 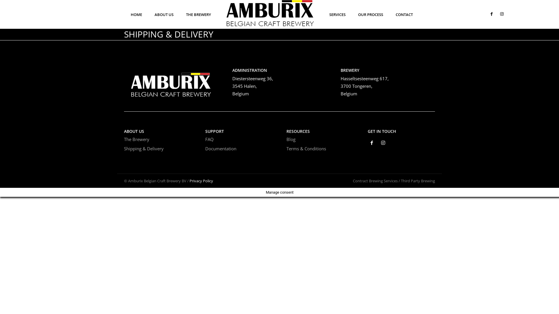 I want to click on 'FAQ', so click(x=209, y=139).